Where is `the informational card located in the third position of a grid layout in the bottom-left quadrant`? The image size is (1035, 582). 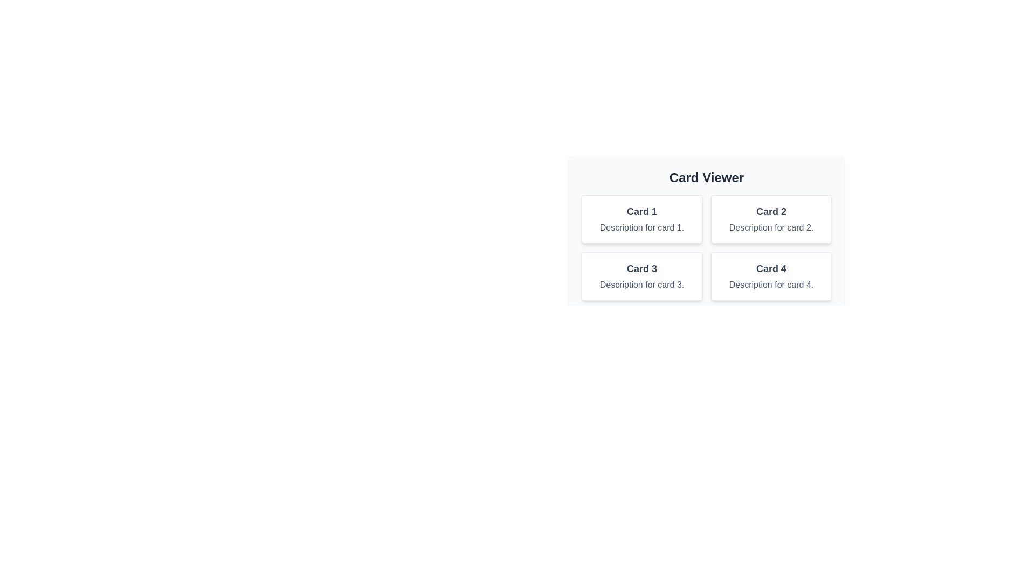
the informational card located in the third position of a grid layout in the bottom-left quadrant is located at coordinates (641, 276).